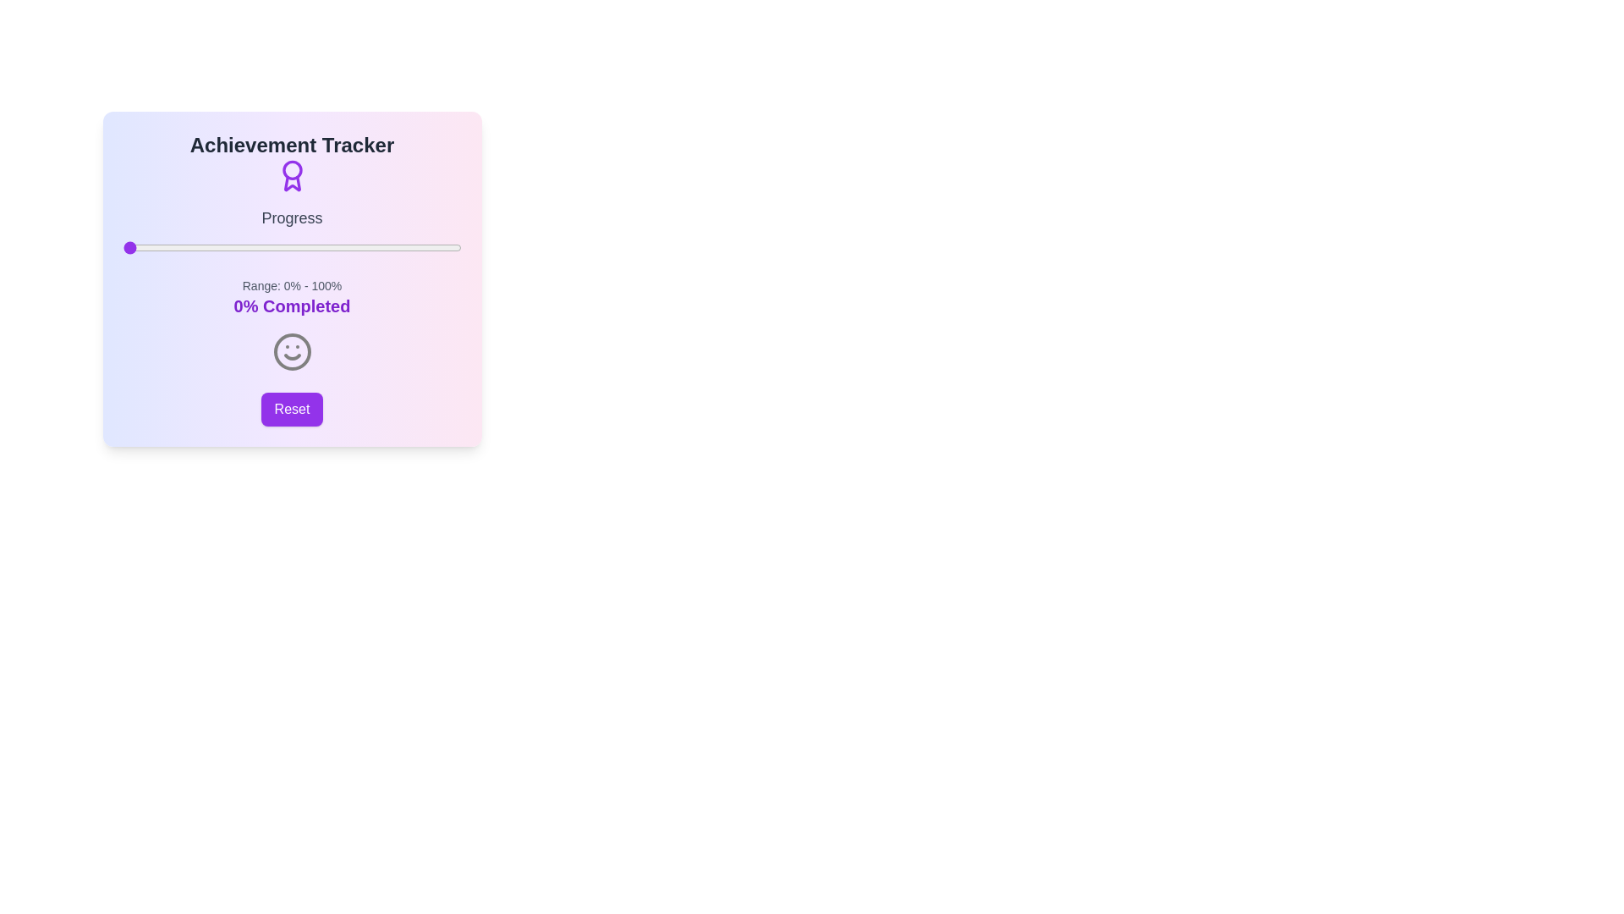  I want to click on the progress slider to 5%, so click(140, 248).